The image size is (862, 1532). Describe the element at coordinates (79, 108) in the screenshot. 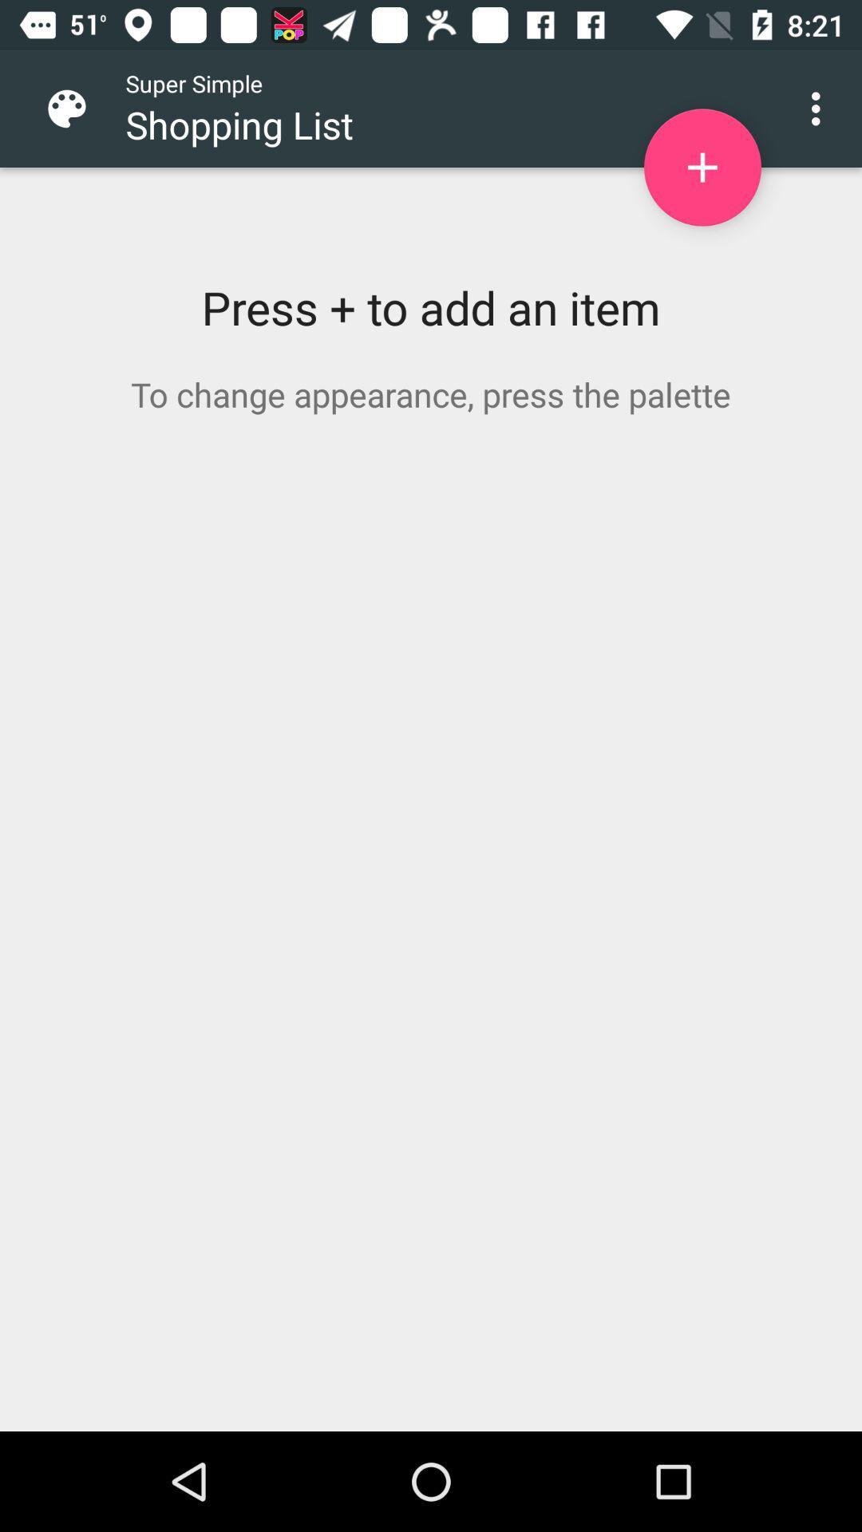

I see `open categories` at that location.